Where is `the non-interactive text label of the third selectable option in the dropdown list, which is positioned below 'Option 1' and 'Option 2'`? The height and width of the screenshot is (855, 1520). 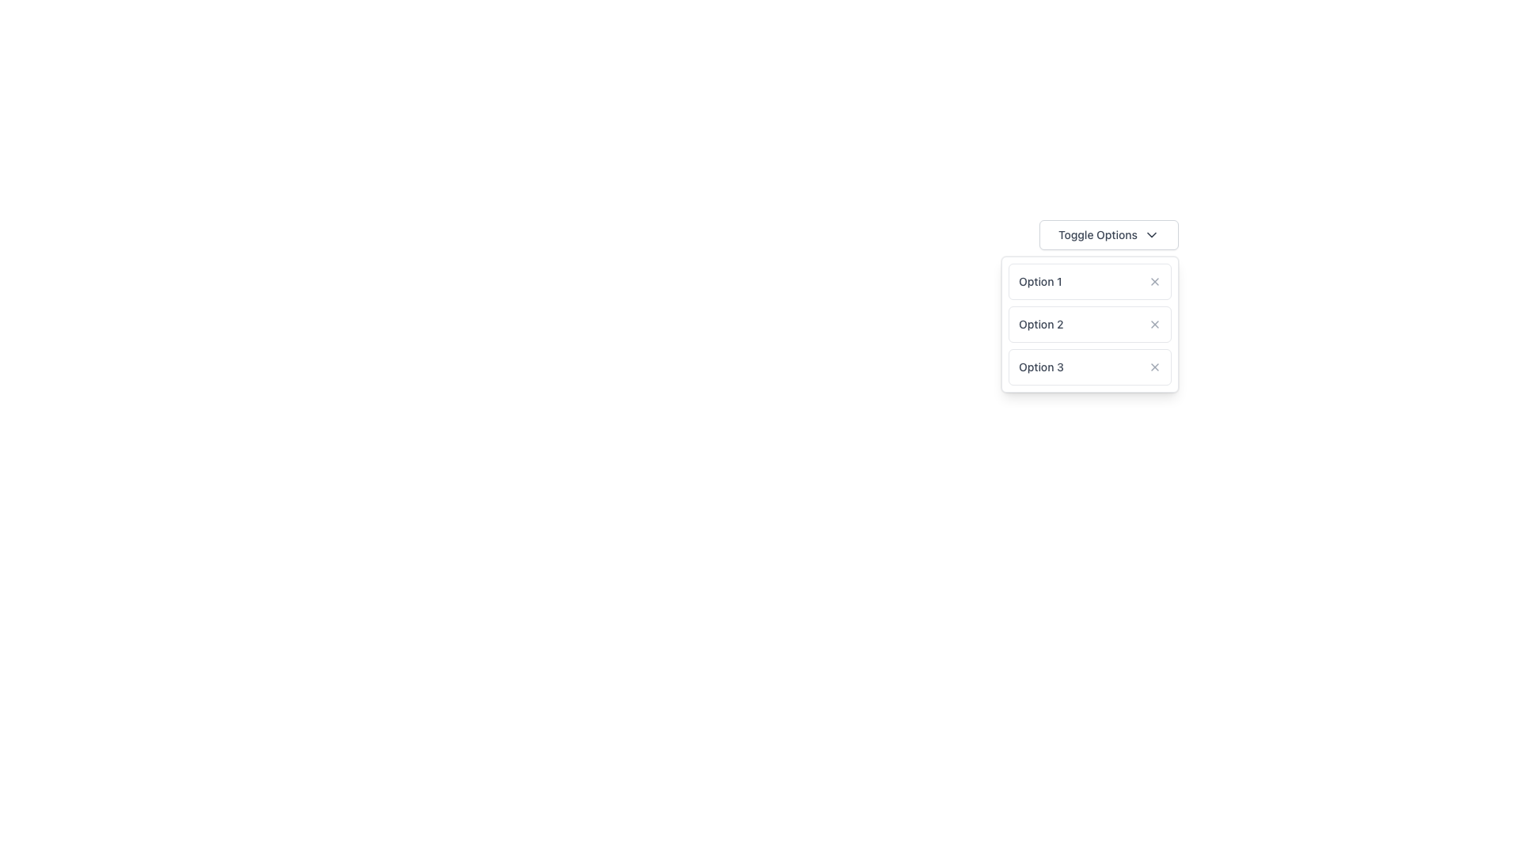
the non-interactive text label of the third selectable option in the dropdown list, which is positioned below 'Option 1' and 'Option 2' is located at coordinates (1041, 367).